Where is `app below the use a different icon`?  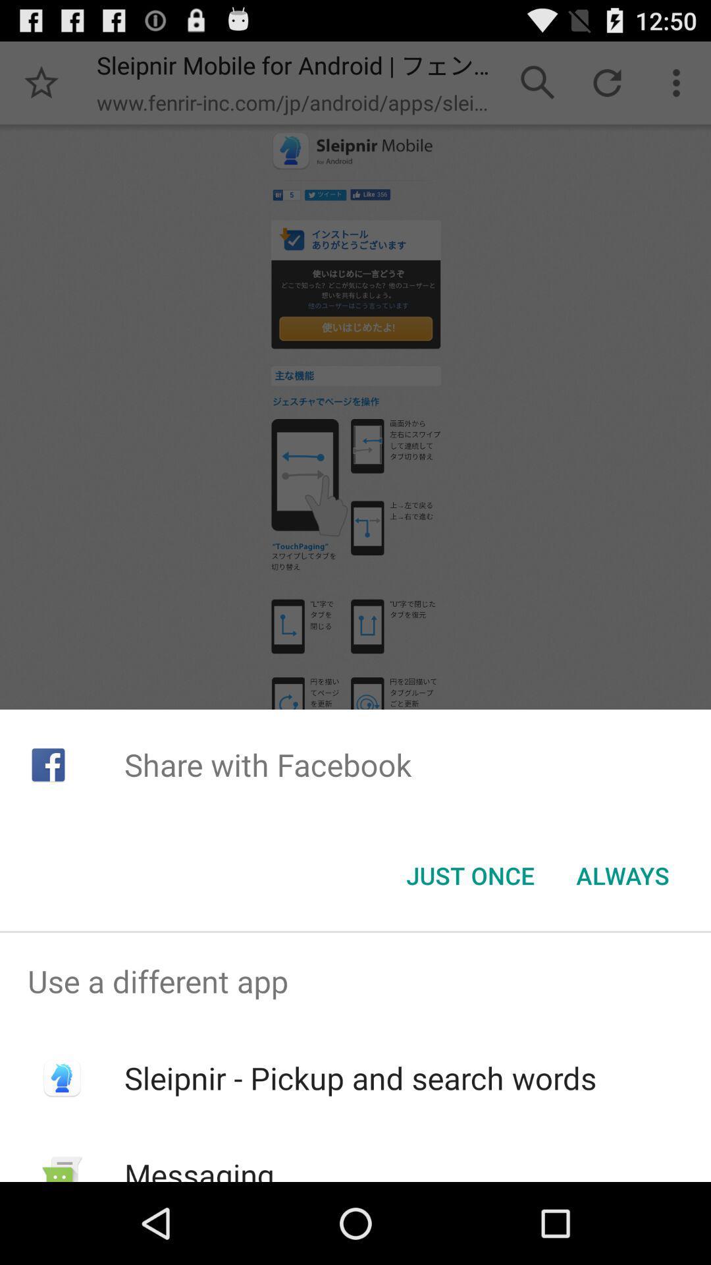 app below the use a different icon is located at coordinates (360, 1078).